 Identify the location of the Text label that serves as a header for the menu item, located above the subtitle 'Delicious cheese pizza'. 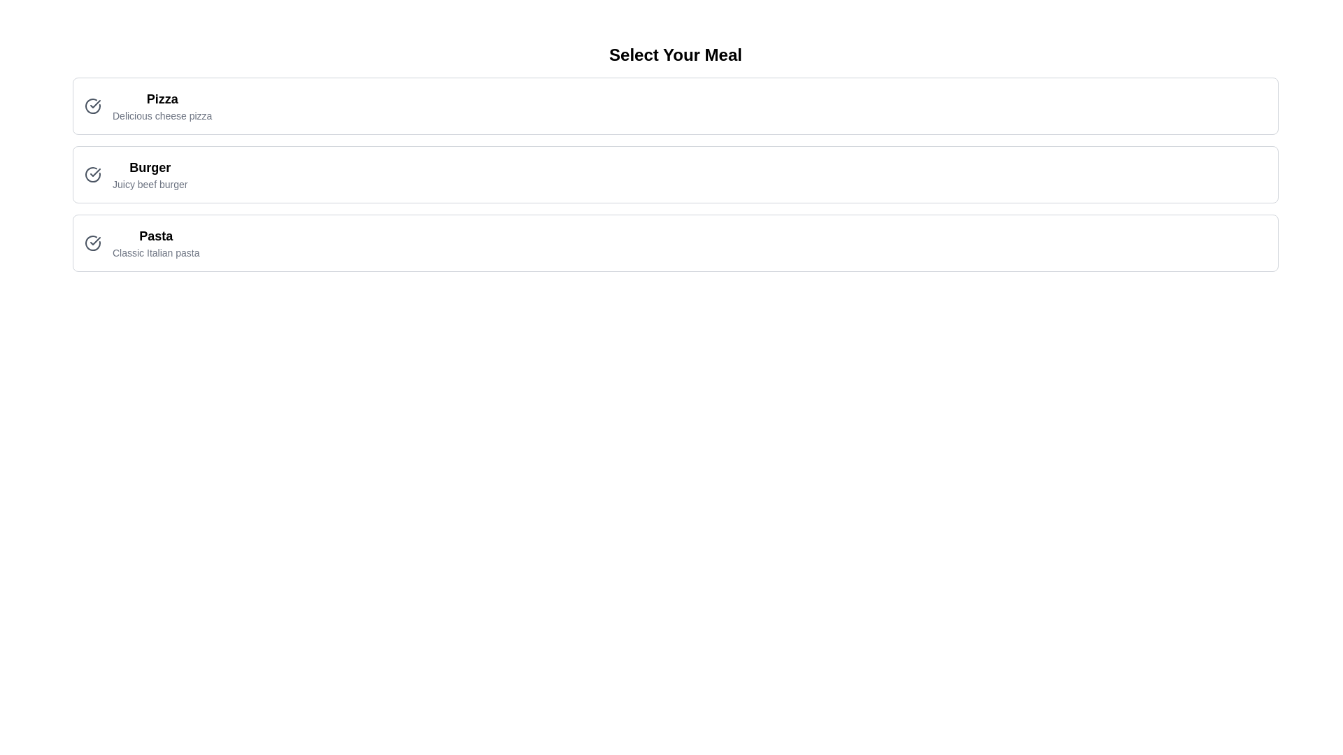
(162, 99).